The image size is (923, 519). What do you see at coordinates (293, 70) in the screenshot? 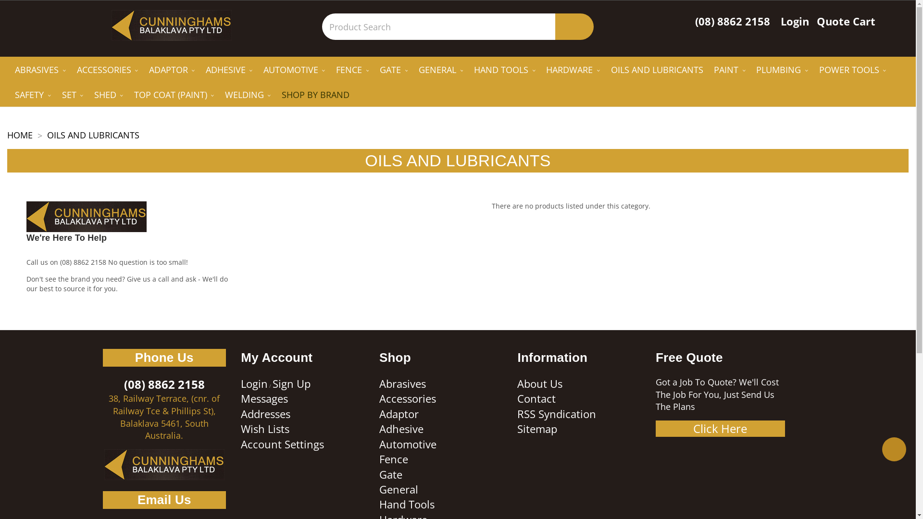
I see `'AUTOMOTIVE'` at bounding box center [293, 70].